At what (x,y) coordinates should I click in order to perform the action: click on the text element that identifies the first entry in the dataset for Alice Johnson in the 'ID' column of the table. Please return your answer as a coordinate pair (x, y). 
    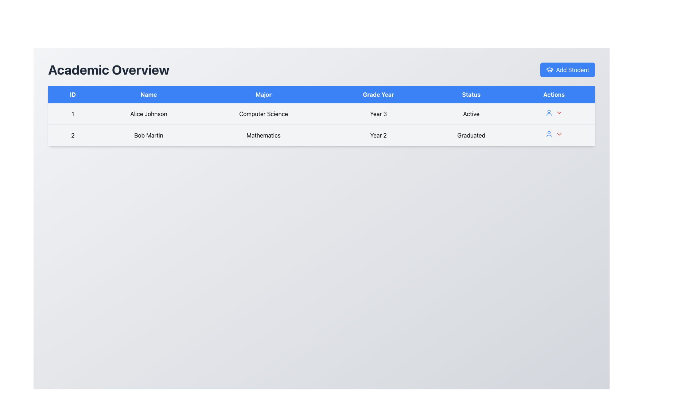
    Looking at the image, I should click on (73, 114).